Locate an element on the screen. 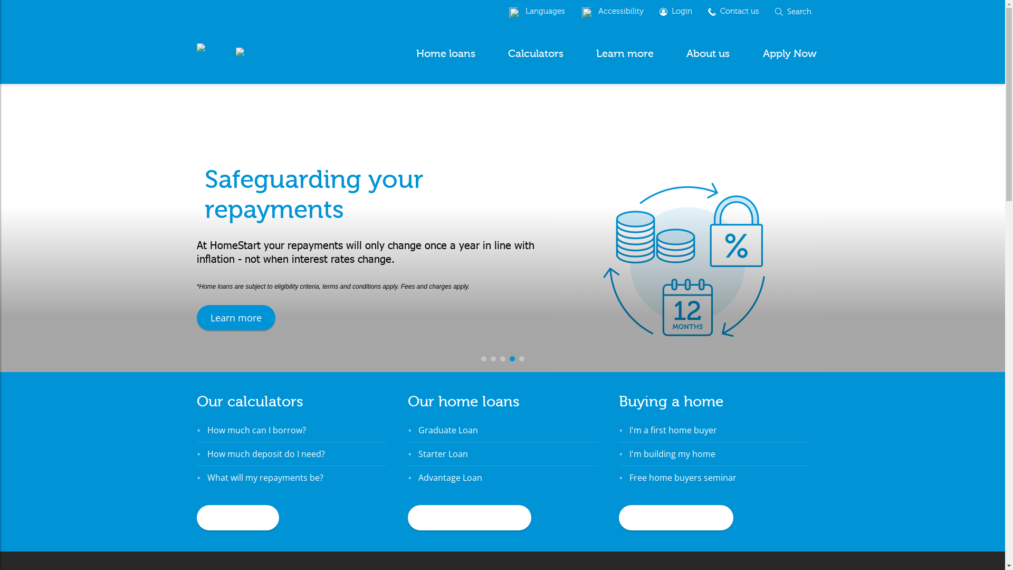 Image resolution: width=1013 pixels, height=570 pixels. 'About us' is located at coordinates (708, 53).